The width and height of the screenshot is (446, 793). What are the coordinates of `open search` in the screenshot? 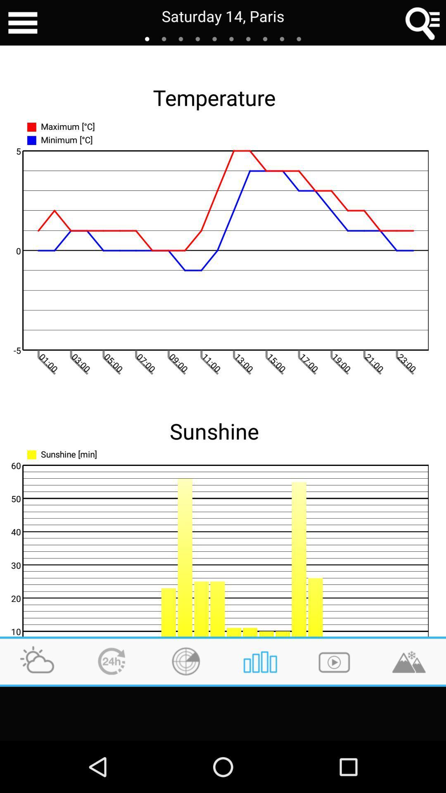 It's located at (423, 23).